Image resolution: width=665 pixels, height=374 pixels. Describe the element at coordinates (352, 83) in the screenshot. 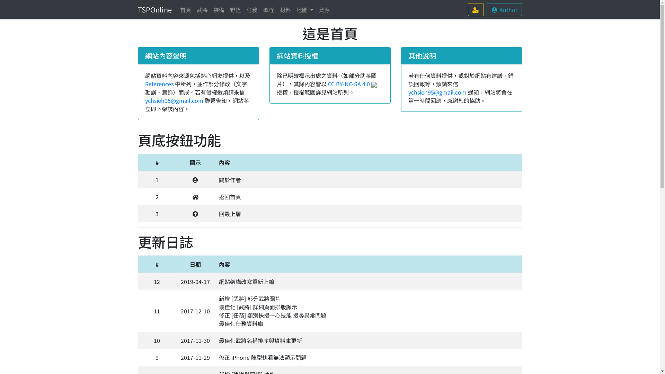

I see `'CC BY-NC-SA 4.0'` at that location.